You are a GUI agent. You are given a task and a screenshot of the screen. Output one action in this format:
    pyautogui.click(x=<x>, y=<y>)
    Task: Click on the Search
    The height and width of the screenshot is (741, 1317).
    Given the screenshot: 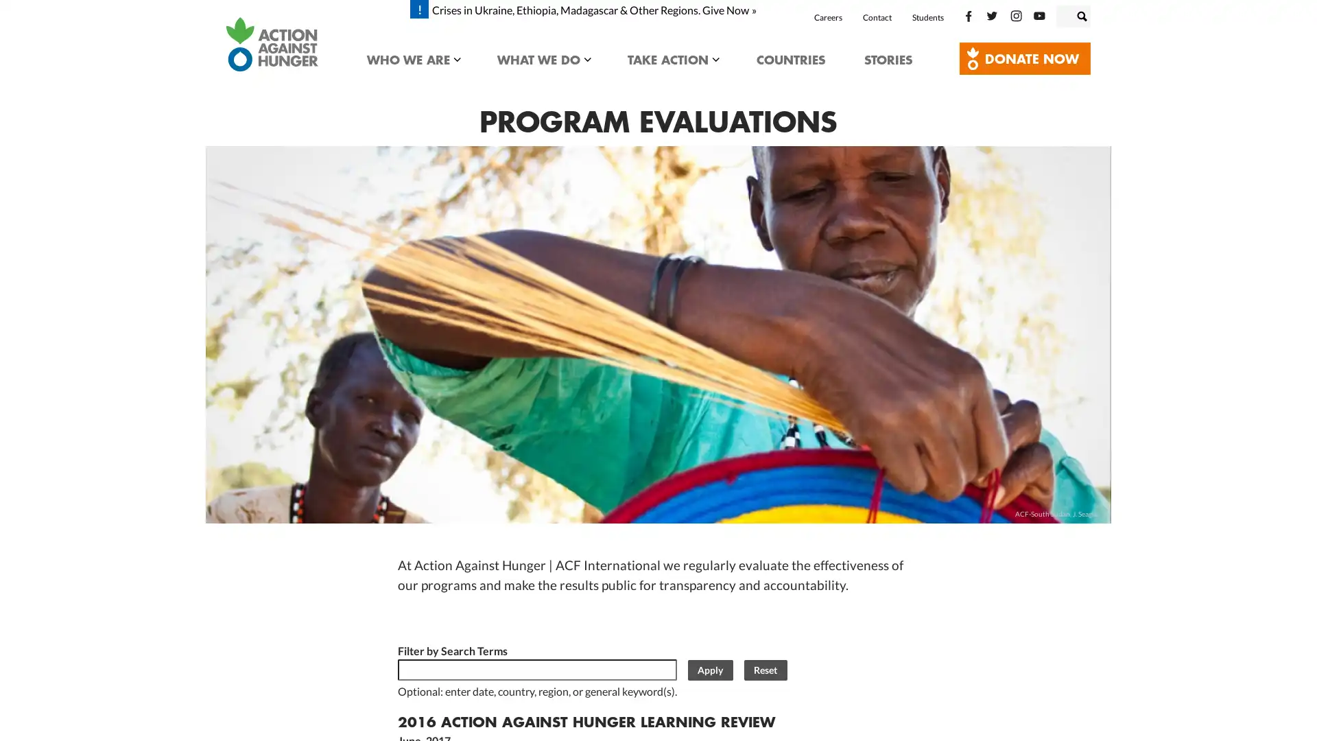 What is the action you would take?
    pyautogui.click(x=1095, y=13)
    